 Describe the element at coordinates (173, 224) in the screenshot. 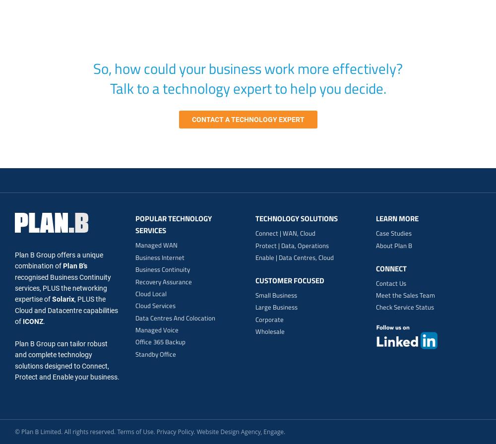

I see `'Popular Technology Services'` at that location.